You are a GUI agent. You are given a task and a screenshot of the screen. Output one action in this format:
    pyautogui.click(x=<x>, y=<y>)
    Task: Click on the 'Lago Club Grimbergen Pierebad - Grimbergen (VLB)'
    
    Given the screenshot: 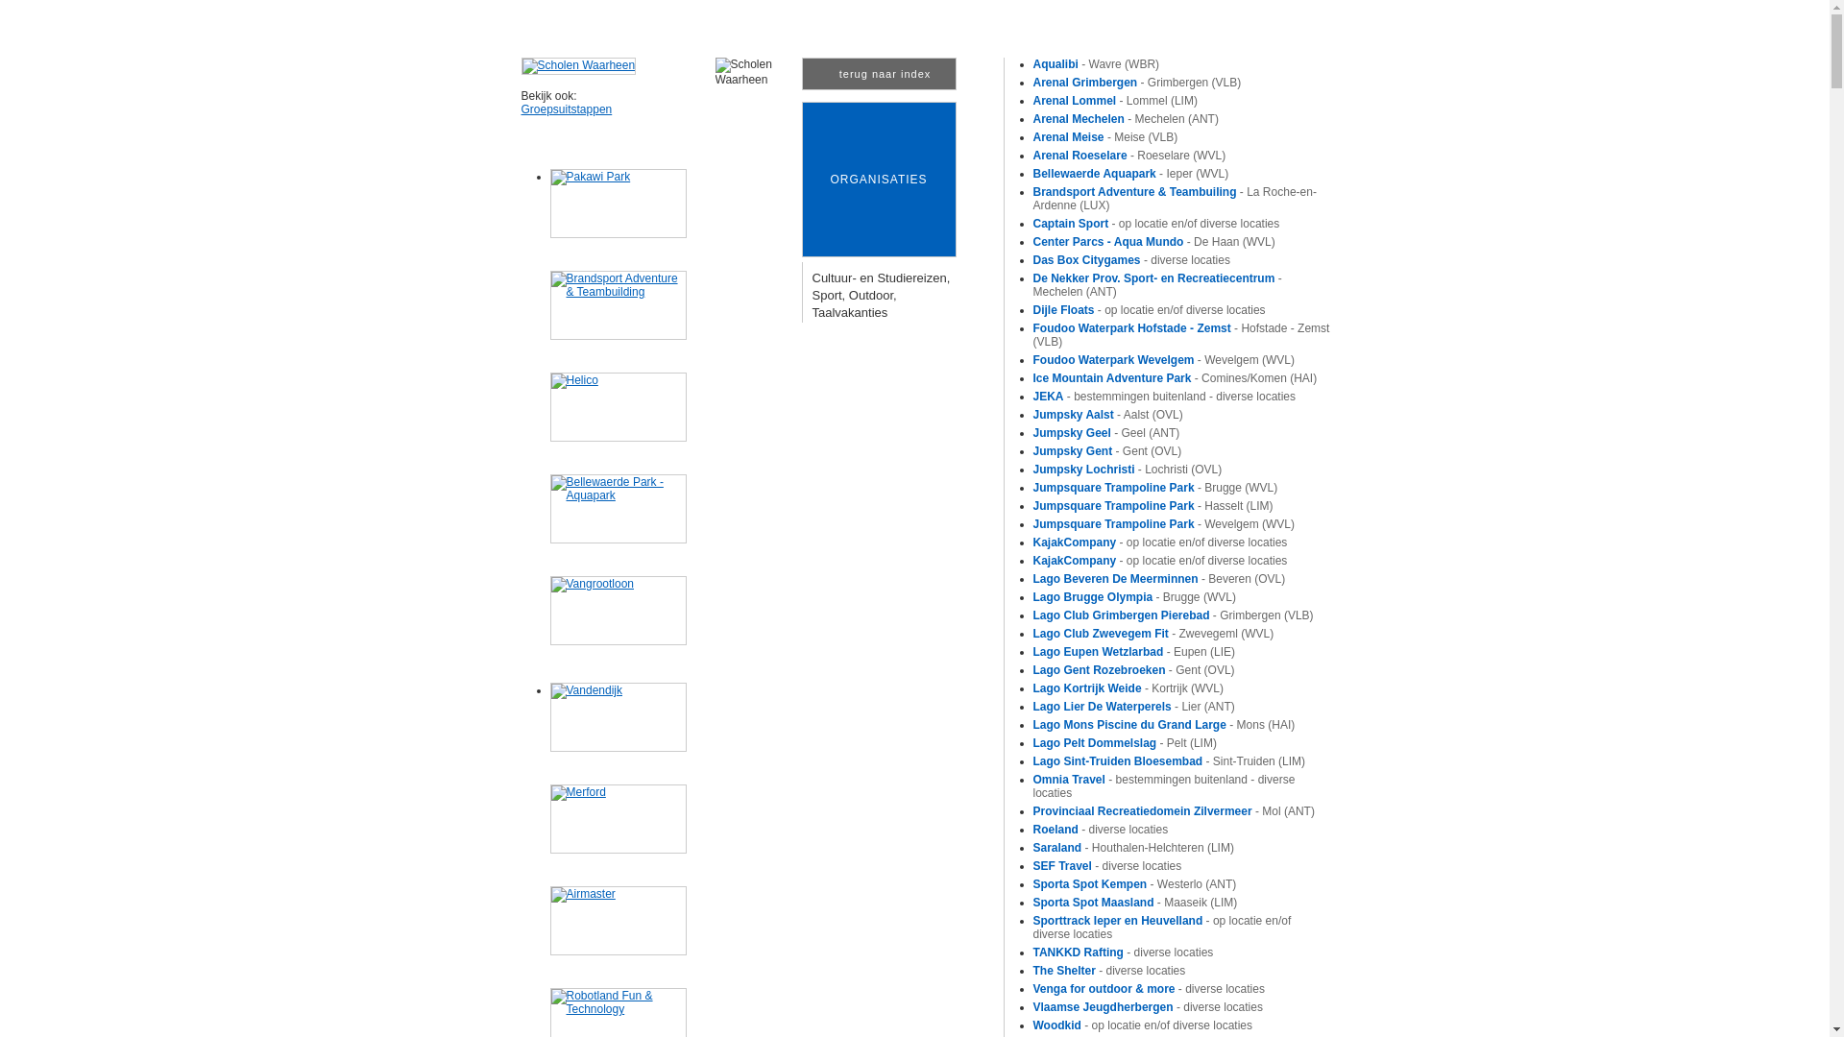 What is the action you would take?
    pyautogui.click(x=1173, y=615)
    